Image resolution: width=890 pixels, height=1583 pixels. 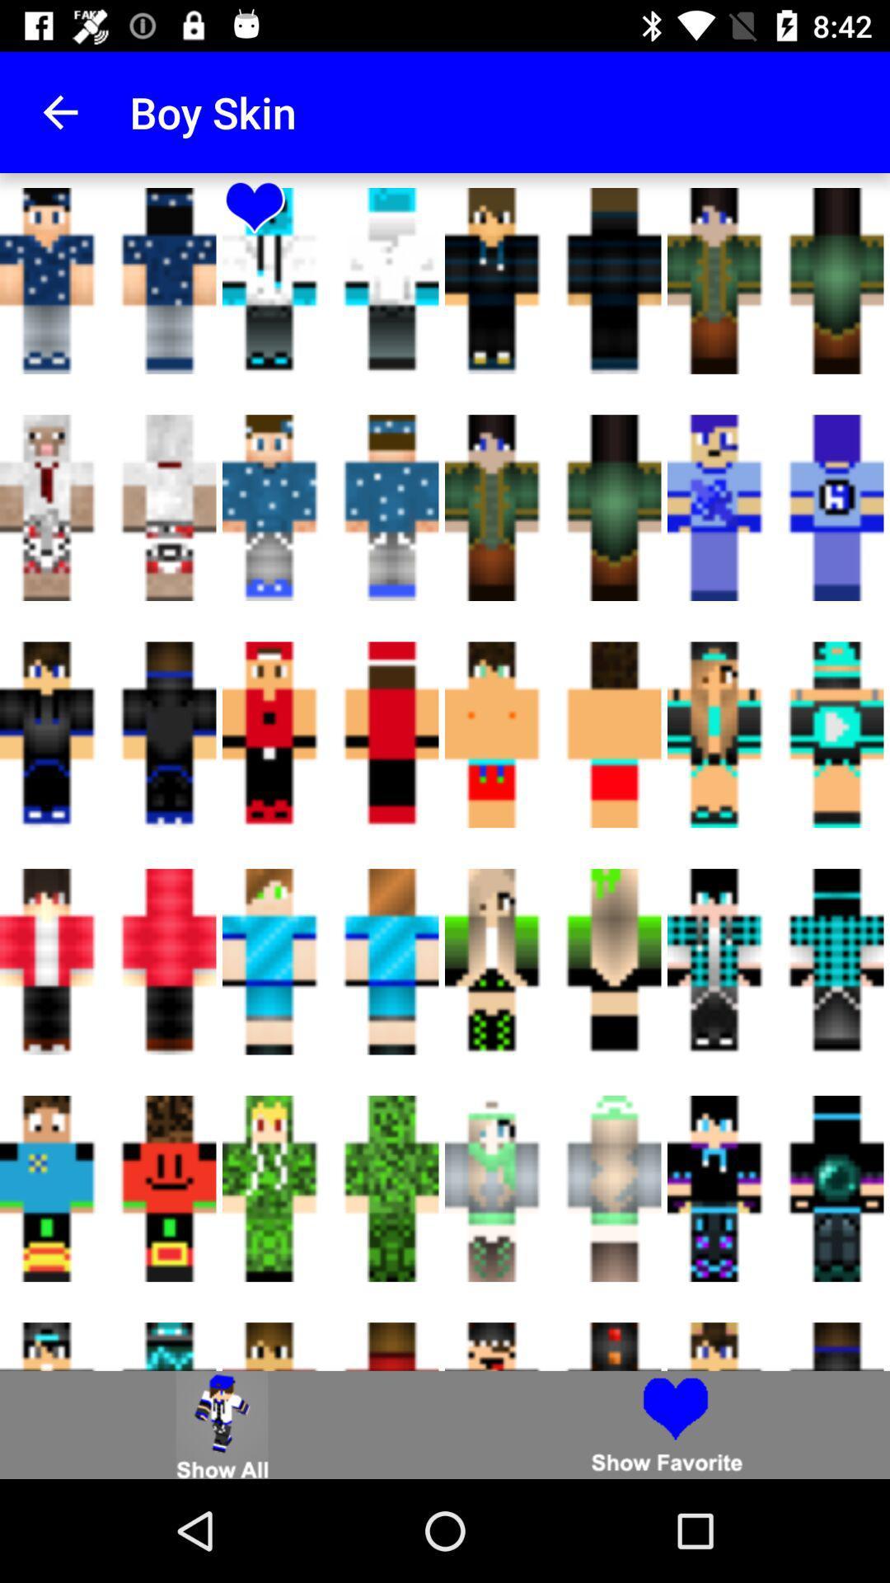 I want to click on third skin from top left of the page, so click(x=775, y=281).